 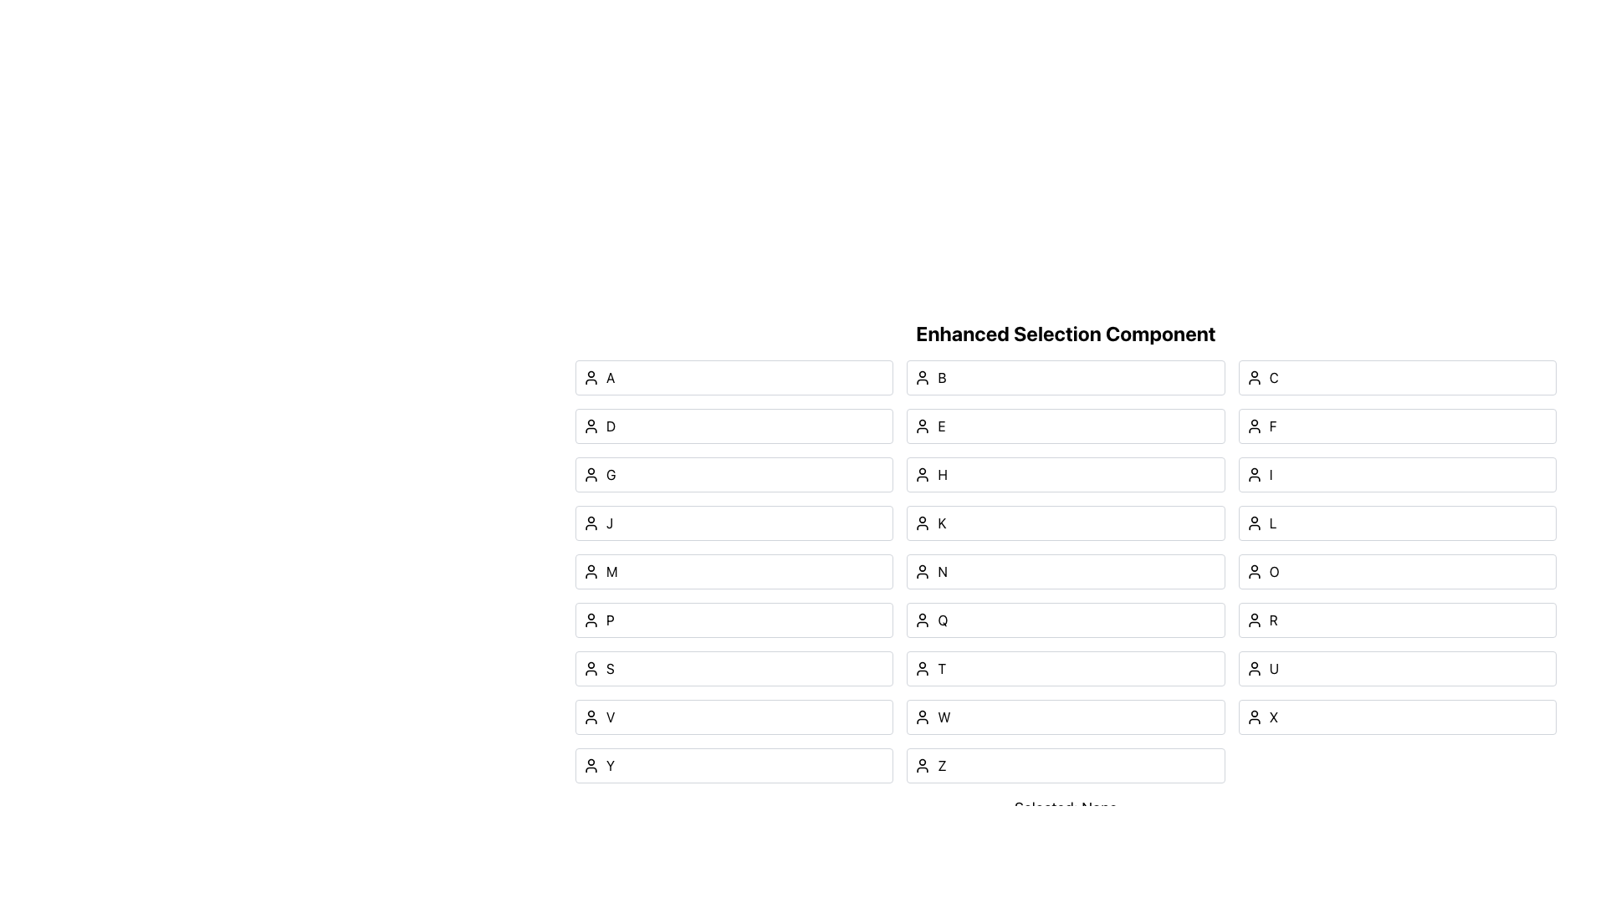 I want to click on the decorative SVG icon representing a user, located inside the interactive box labeled 'L' in the enhanced selection grid, so click(x=1254, y=522).